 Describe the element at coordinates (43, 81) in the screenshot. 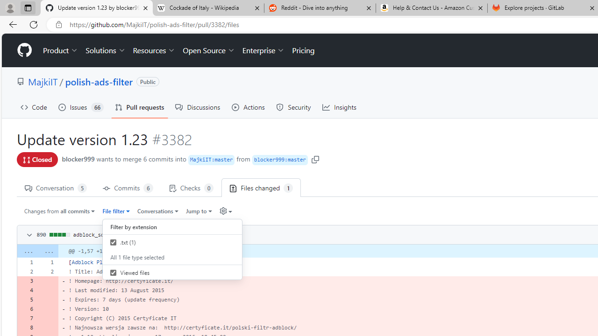

I see `'MajkiIT'` at that location.